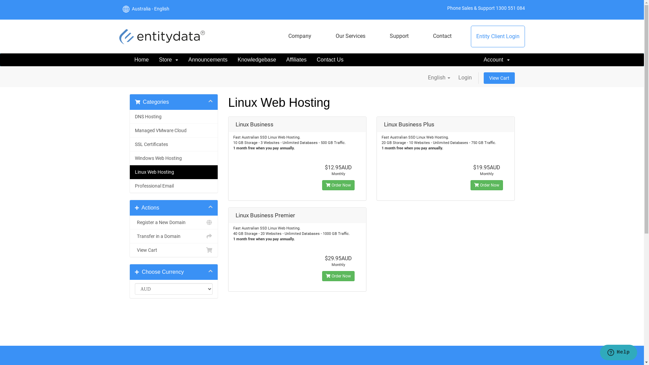 This screenshot has height=365, width=649. I want to click on 'Professional Email', so click(174, 186).